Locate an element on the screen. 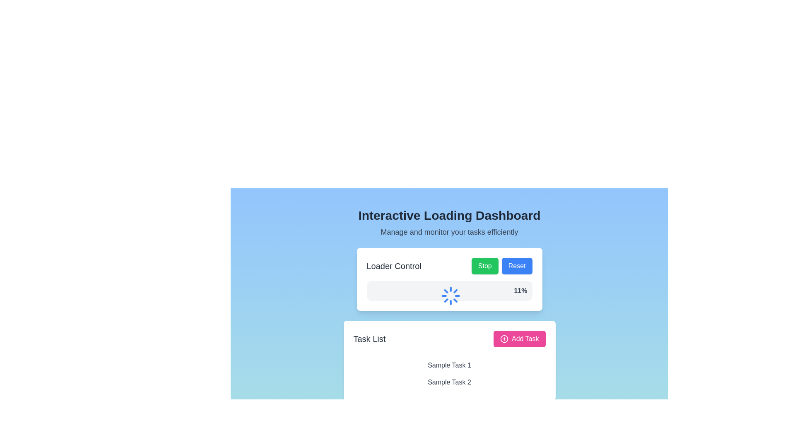 The image size is (795, 447). the Text Header element that labels the 'Task List Add Task' section, positioned to the left of the 'Add Task' button is located at coordinates (369, 339).